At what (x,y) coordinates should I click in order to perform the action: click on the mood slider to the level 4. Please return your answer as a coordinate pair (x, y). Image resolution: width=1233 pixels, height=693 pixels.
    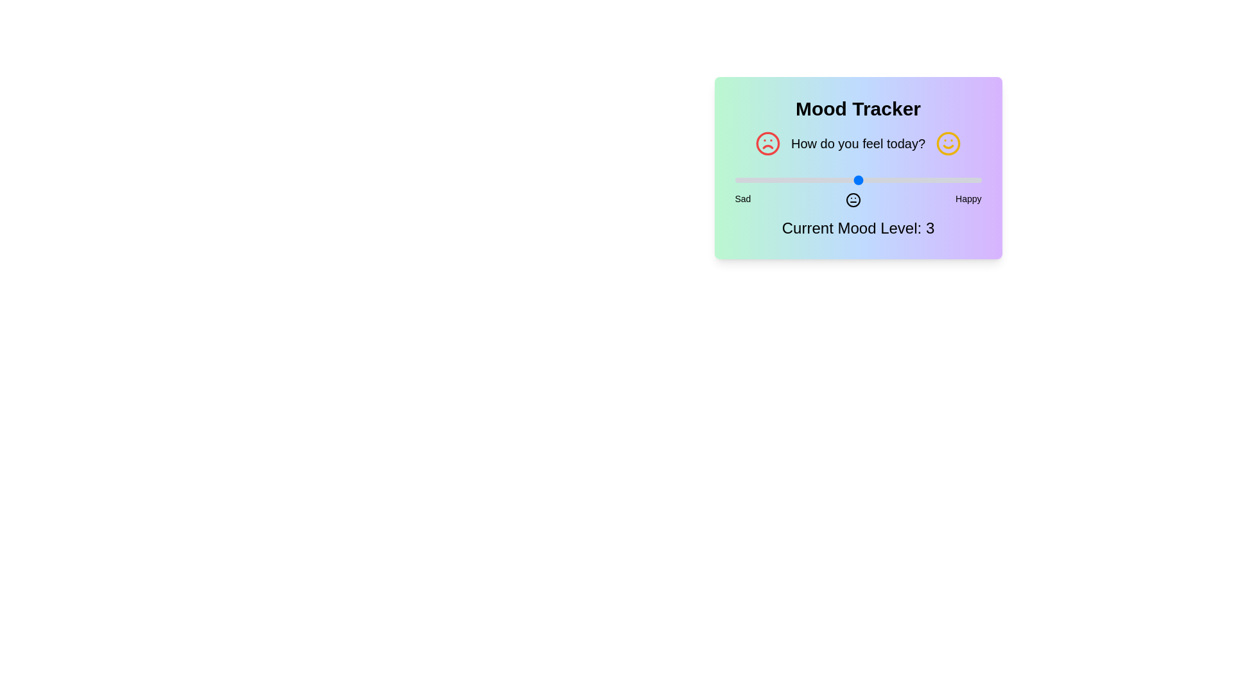
    Looking at the image, I should click on (919, 180).